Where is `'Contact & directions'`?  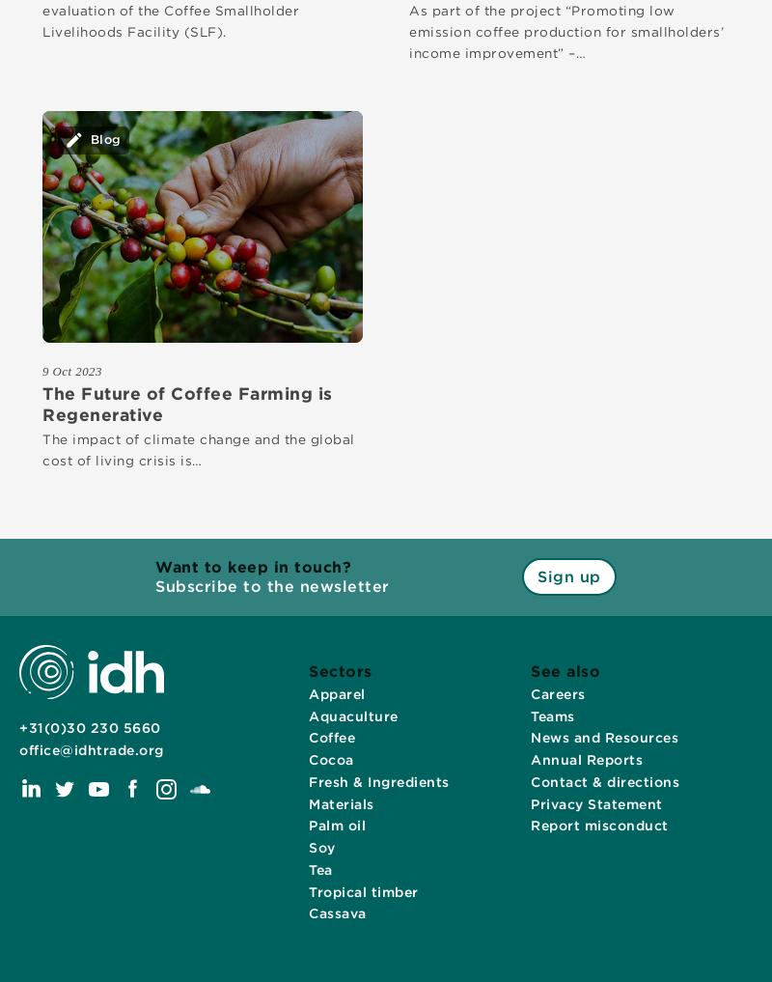
'Contact & directions' is located at coordinates (604, 780).